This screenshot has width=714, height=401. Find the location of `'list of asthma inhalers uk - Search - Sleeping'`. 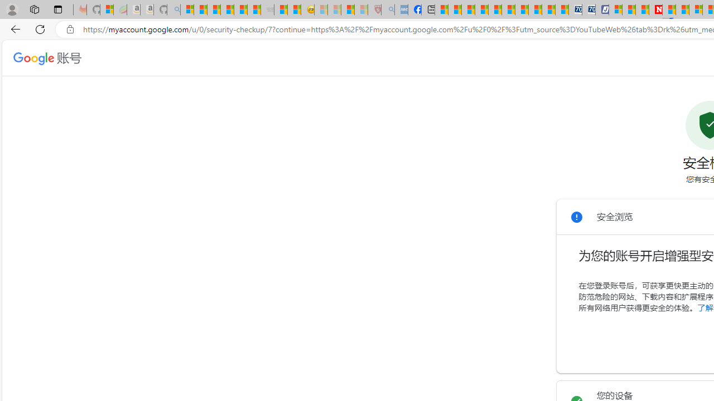

'list of asthma inhalers uk - Search - Sleeping' is located at coordinates (388, 9).